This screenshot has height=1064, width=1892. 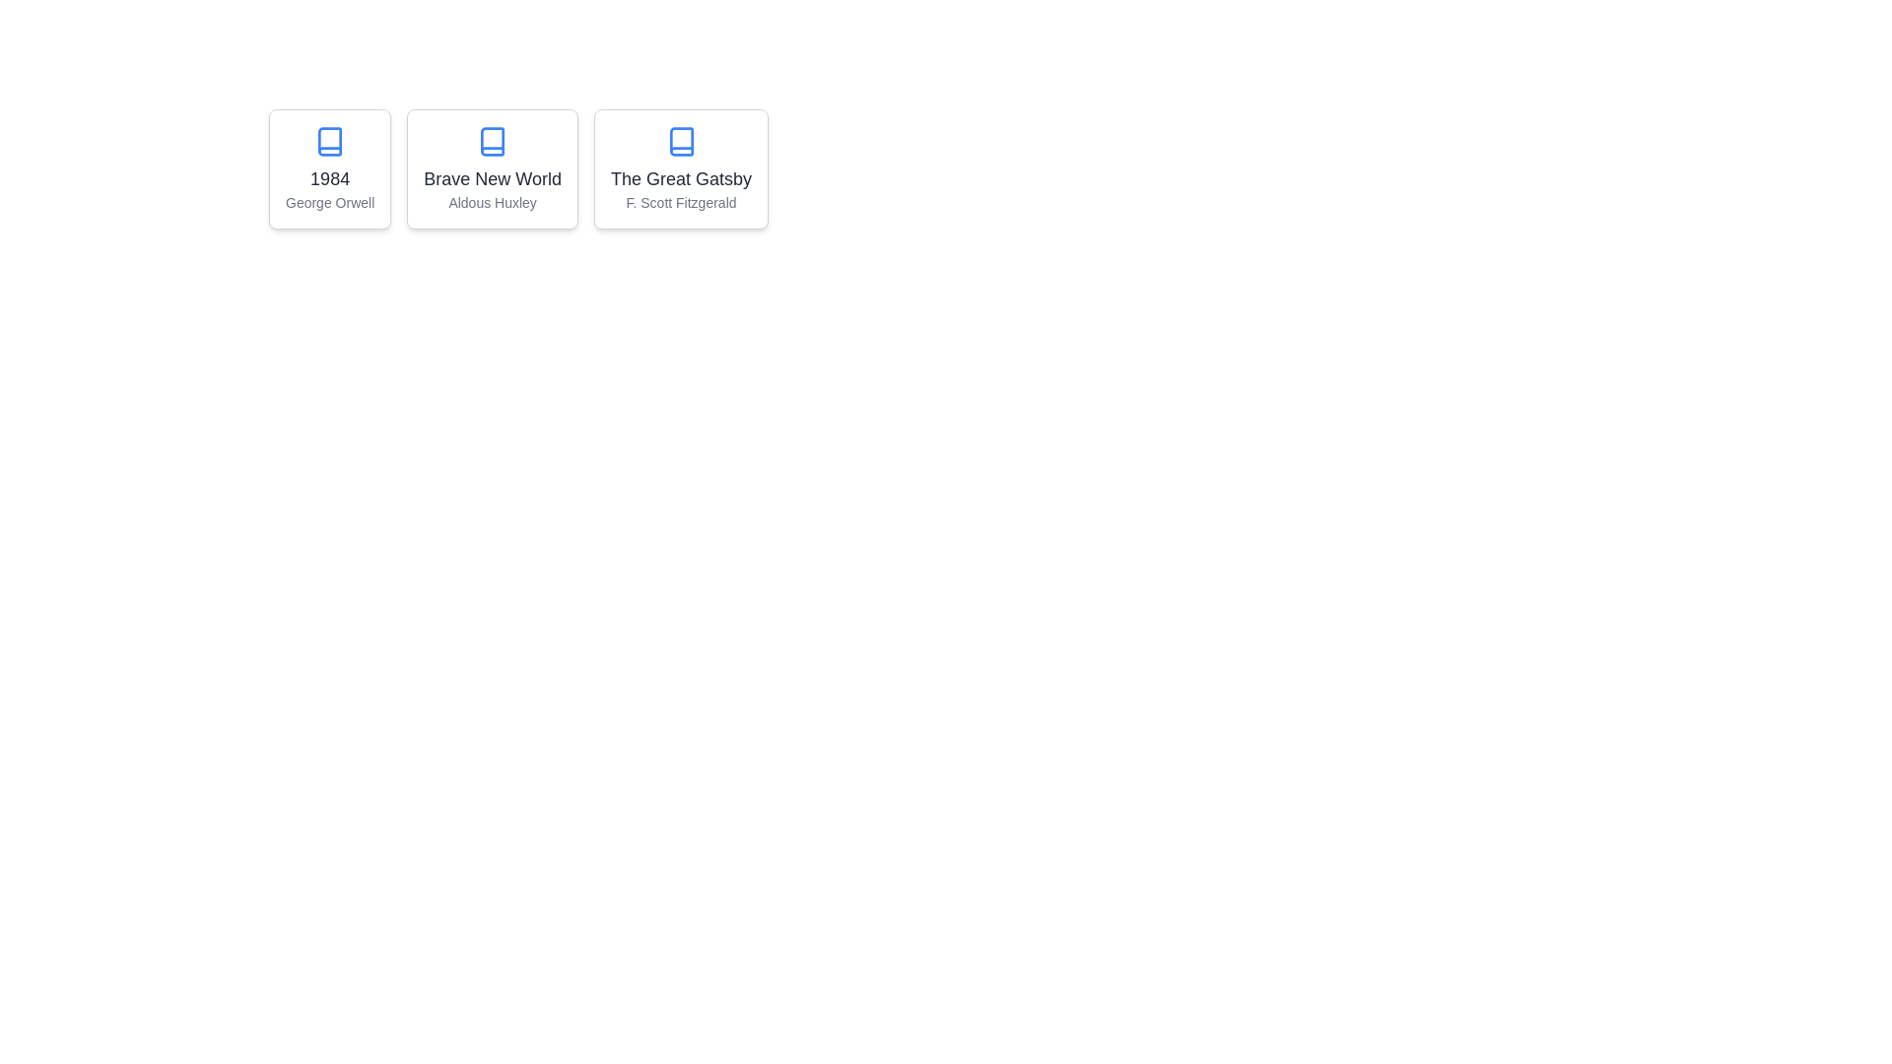 What do you see at coordinates (493, 140) in the screenshot?
I see `the second book icon in a row of three, positioned above the text 'Brave New World' and 'Aldous Huxley'` at bounding box center [493, 140].